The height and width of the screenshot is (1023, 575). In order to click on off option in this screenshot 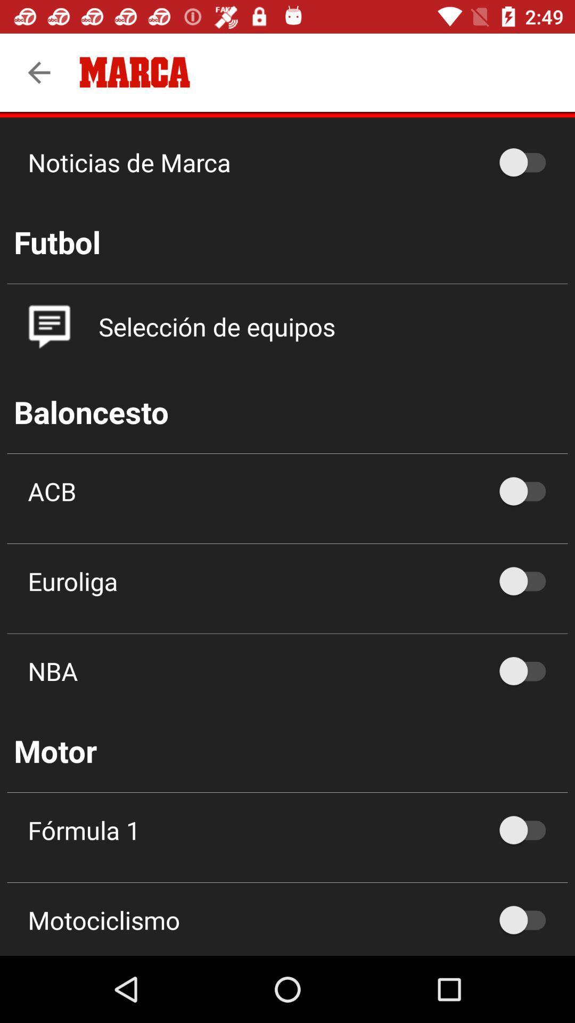, I will do `click(528, 830)`.